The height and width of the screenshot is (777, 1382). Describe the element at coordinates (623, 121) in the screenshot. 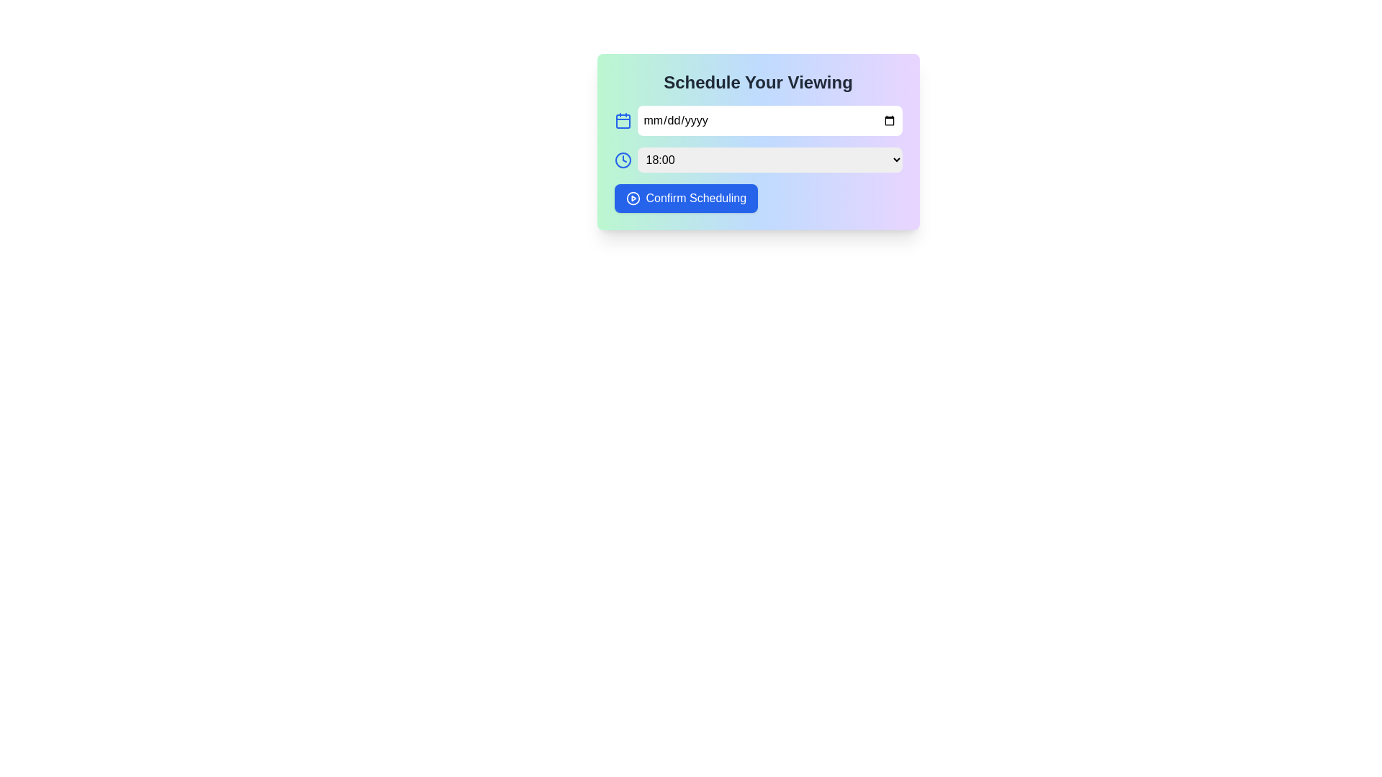

I see `the small blue rectangular element that is part of the calendar icon, located within the decorative background on the left side of the first input field` at that location.